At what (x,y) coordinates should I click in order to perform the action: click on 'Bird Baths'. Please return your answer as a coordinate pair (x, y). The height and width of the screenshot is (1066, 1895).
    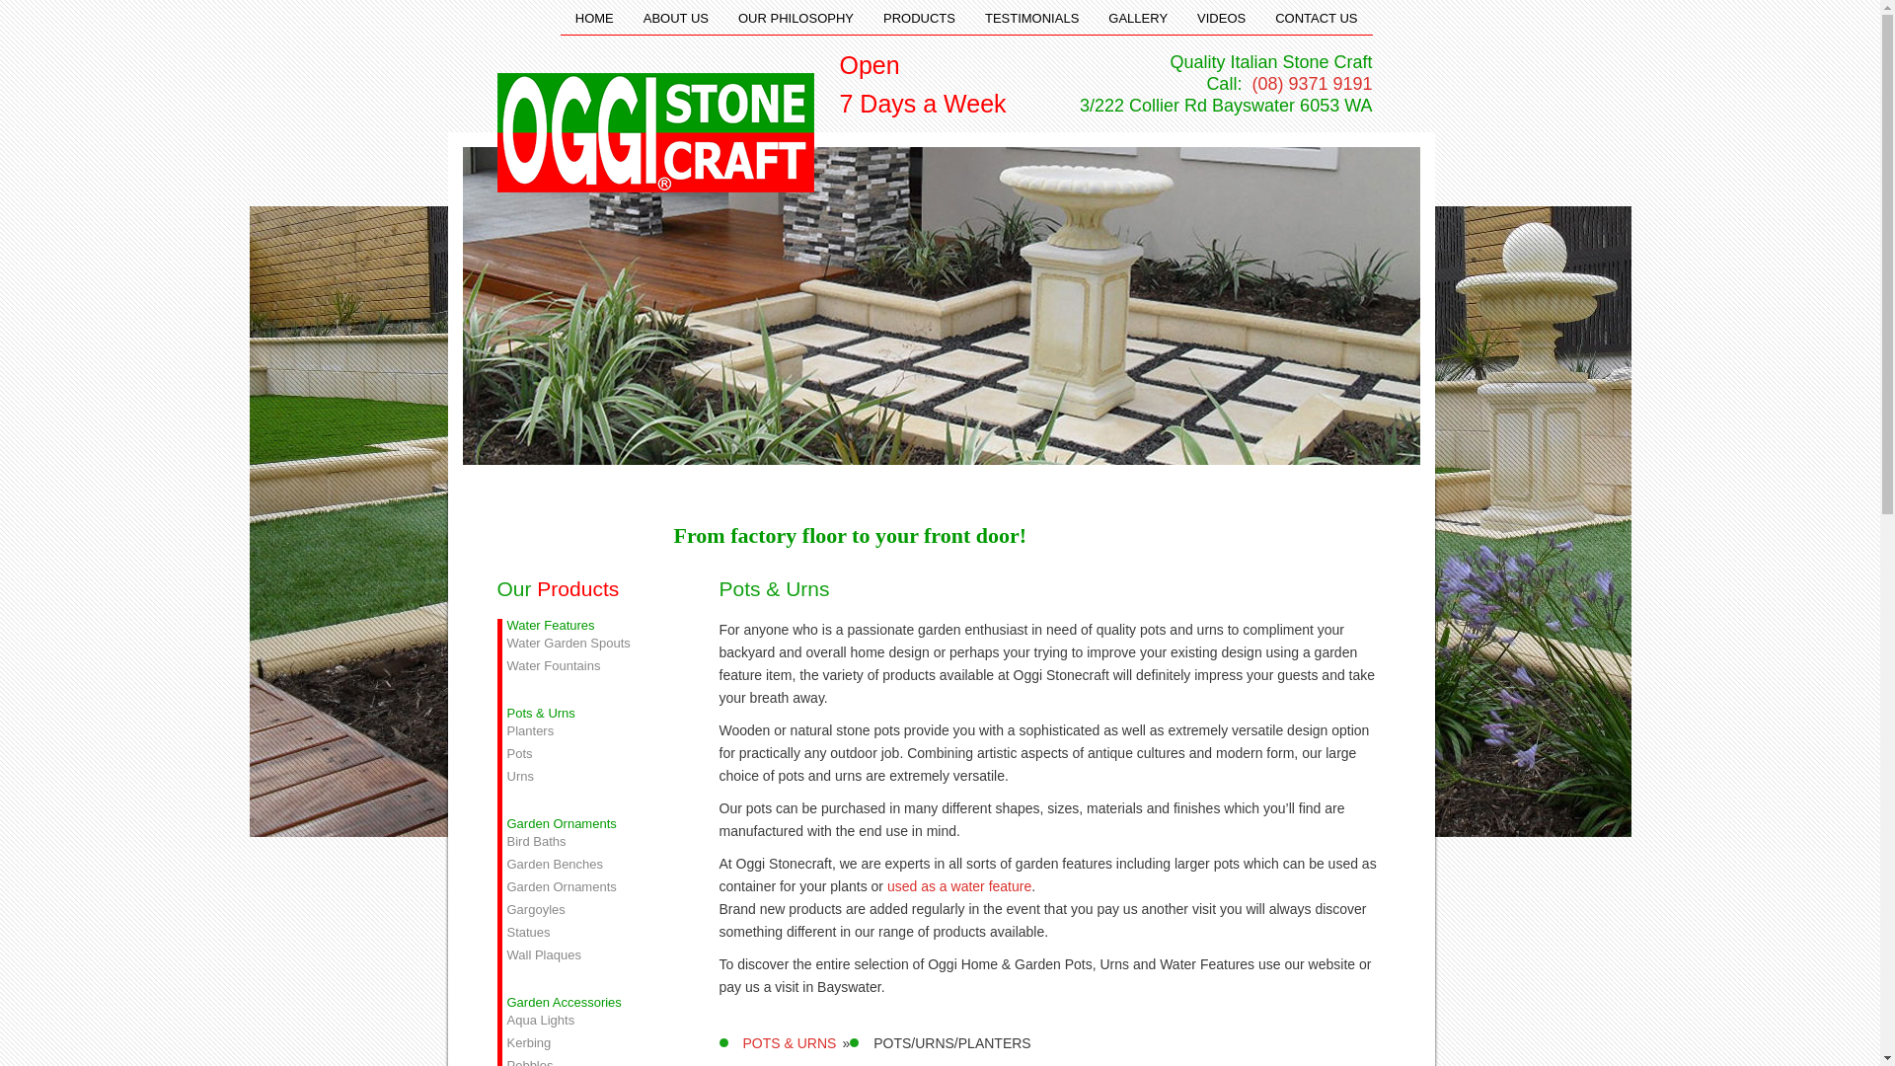
    Looking at the image, I should click on (587, 841).